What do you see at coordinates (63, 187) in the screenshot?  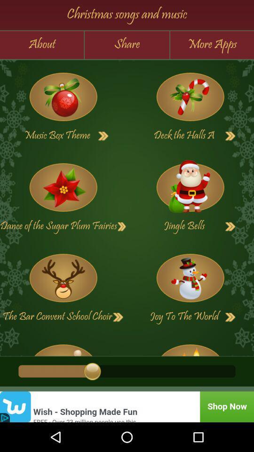 I see `item` at bounding box center [63, 187].